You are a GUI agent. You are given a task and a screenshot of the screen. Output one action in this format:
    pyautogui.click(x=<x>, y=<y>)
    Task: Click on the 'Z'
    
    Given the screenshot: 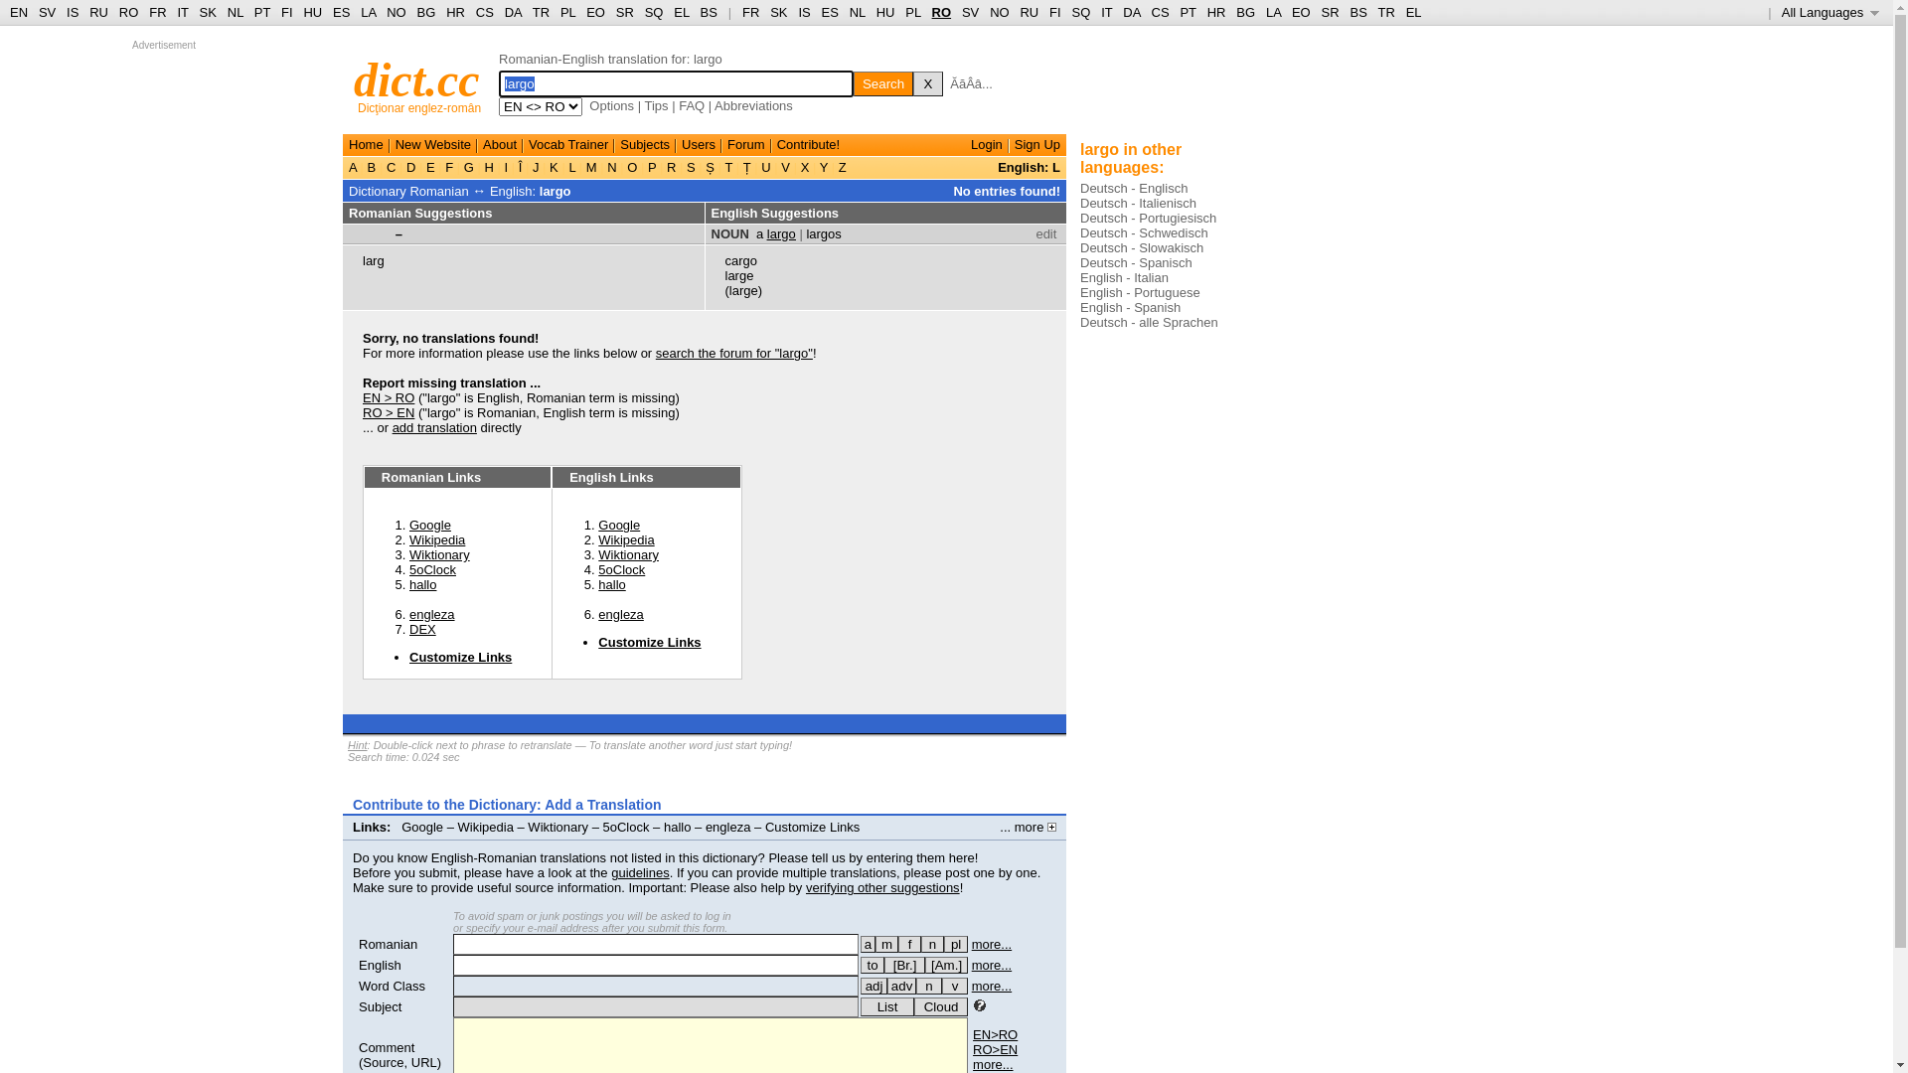 What is the action you would take?
    pyautogui.click(x=835, y=166)
    